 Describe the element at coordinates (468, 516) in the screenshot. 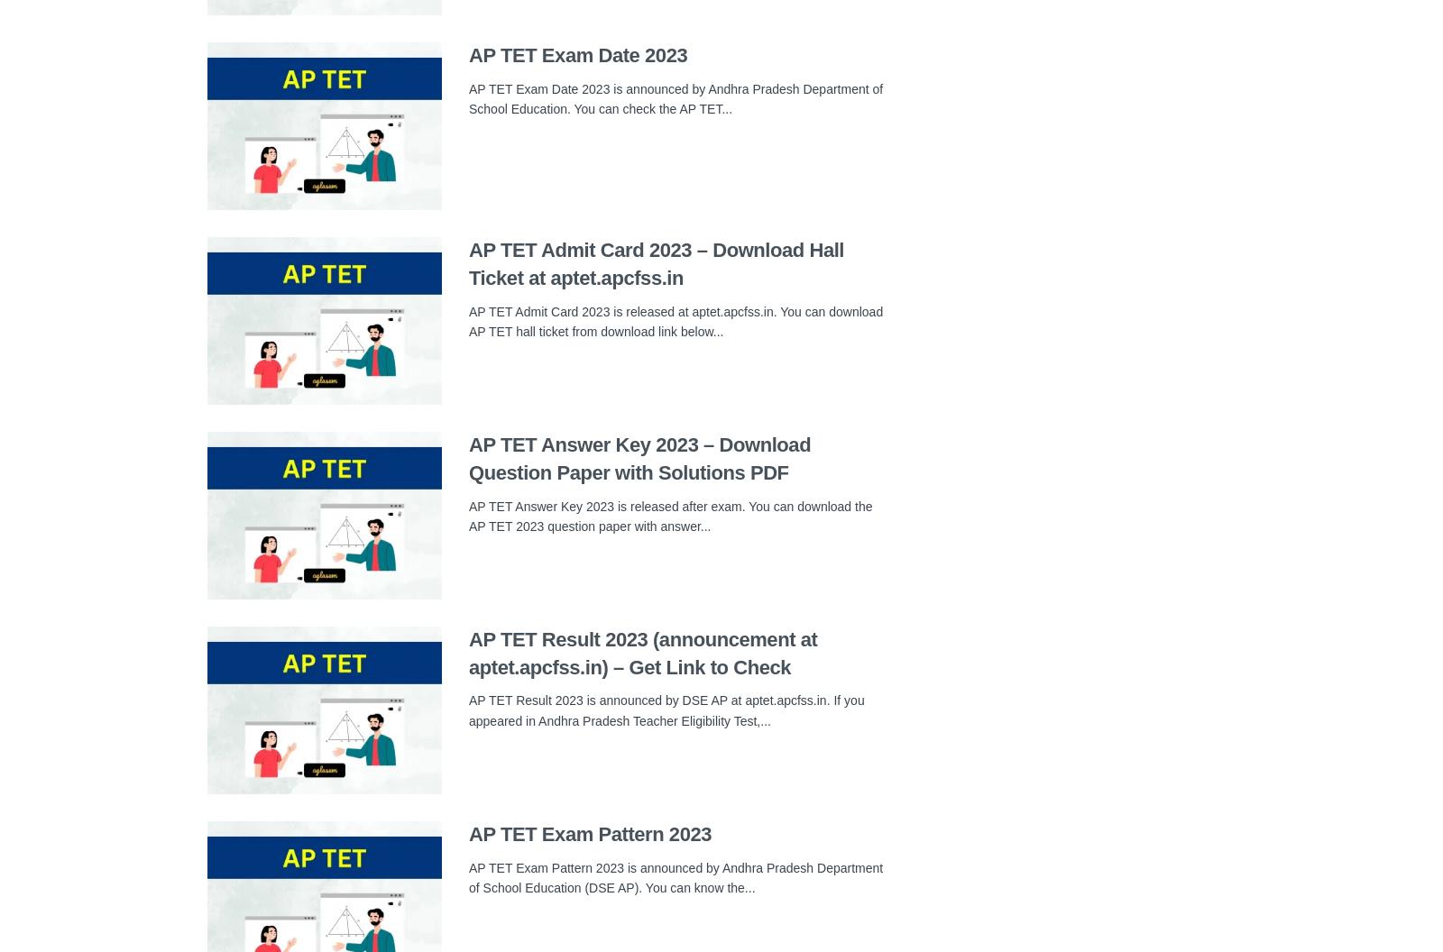

I see `'AP TET Answer Key 2023 is released after exam. You can download the AP TET 2023 question paper with answer...'` at that location.